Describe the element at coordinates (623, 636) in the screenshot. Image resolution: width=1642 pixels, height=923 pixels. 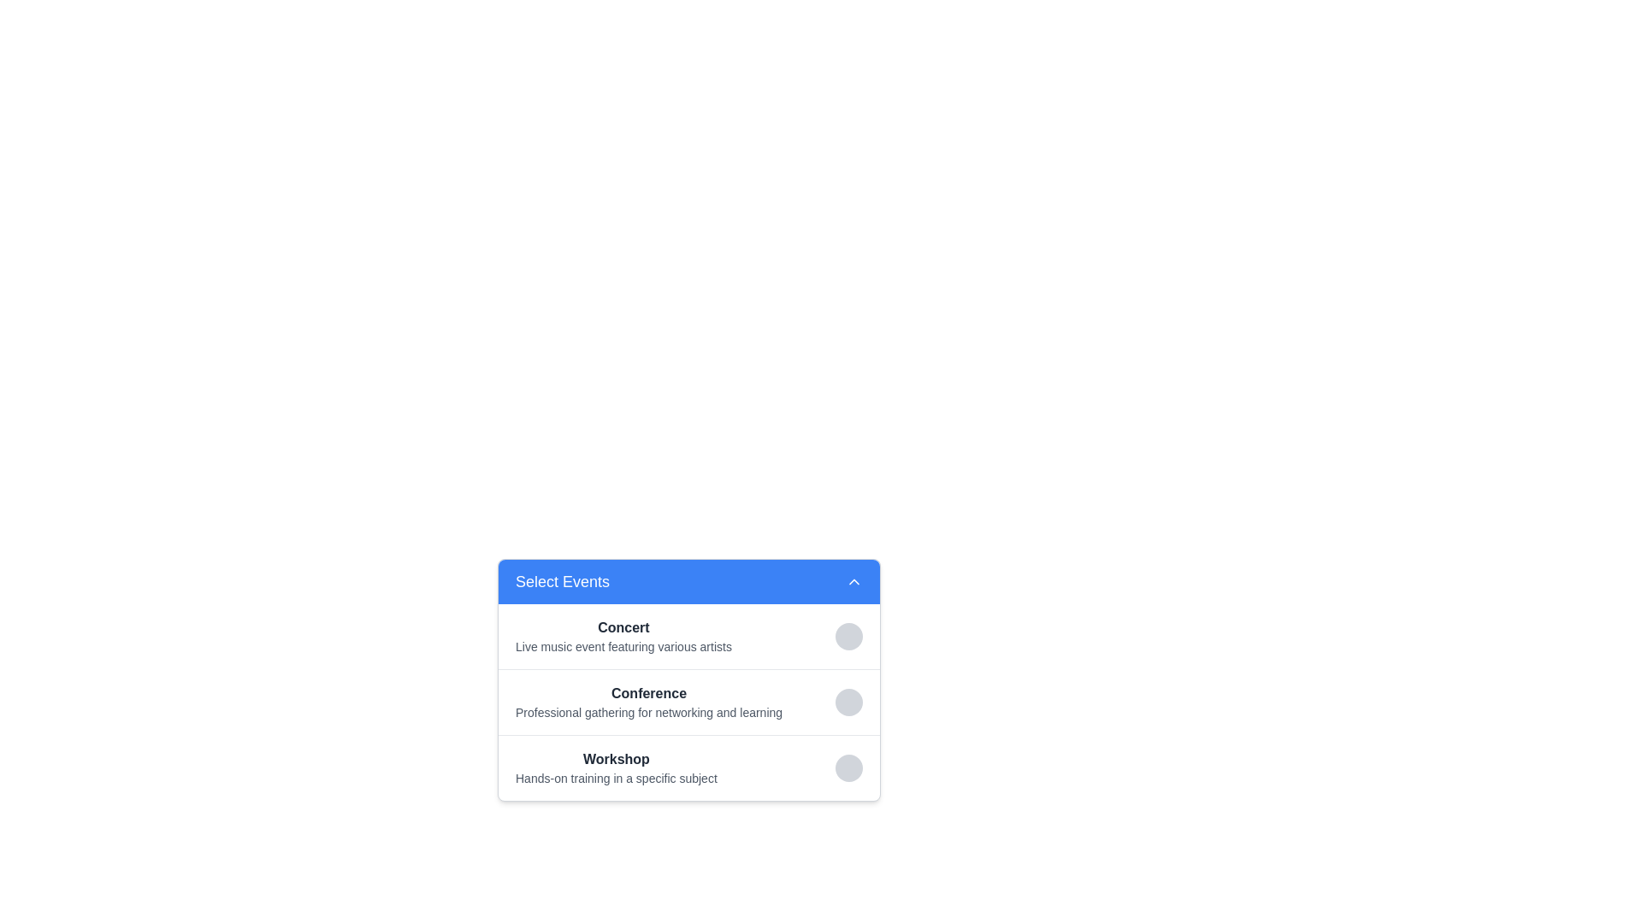
I see `the text label 'Concert' in the first list entry of the dropdown menu titled 'Select Events', which features bold dark gray text and a description of the event below` at that location.